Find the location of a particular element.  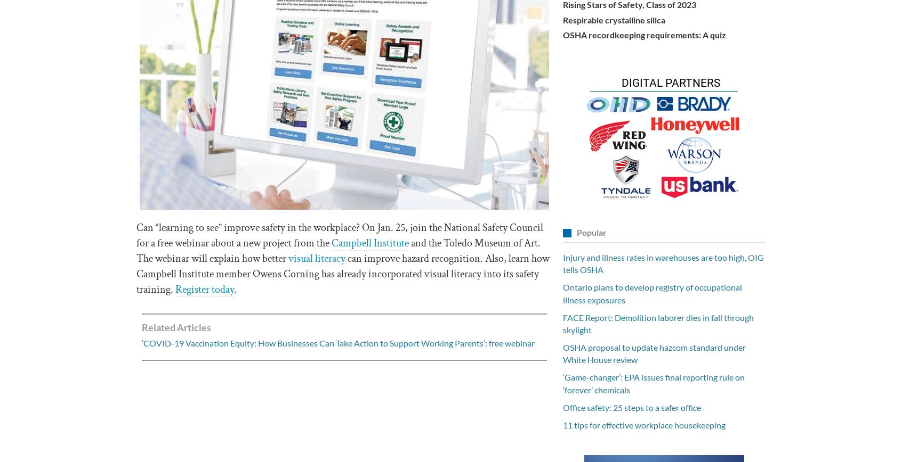

'OSHA recordkeeping requirements: A quiz' is located at coordinates (644, 34).